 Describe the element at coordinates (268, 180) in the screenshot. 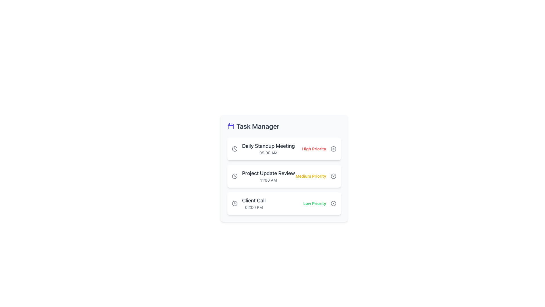

I see `static time displayed beneath 'Project Update Review' in the second task card` at that location.